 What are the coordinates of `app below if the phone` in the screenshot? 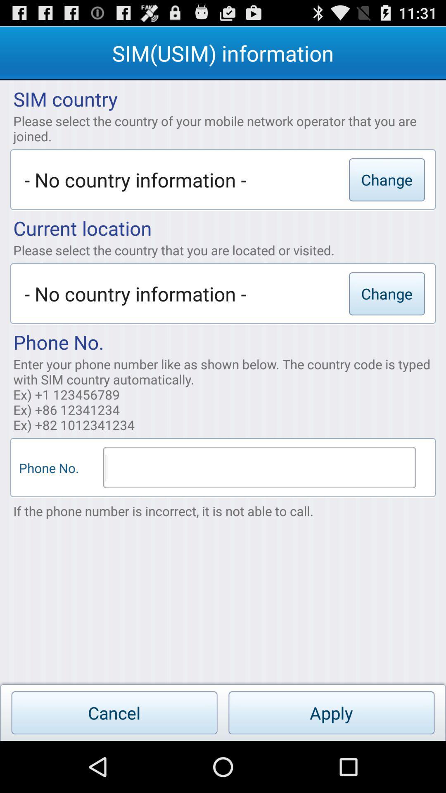 It's located at (331, 712).